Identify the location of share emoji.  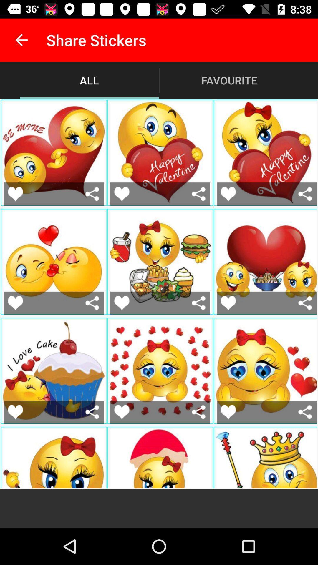
(92, 194).